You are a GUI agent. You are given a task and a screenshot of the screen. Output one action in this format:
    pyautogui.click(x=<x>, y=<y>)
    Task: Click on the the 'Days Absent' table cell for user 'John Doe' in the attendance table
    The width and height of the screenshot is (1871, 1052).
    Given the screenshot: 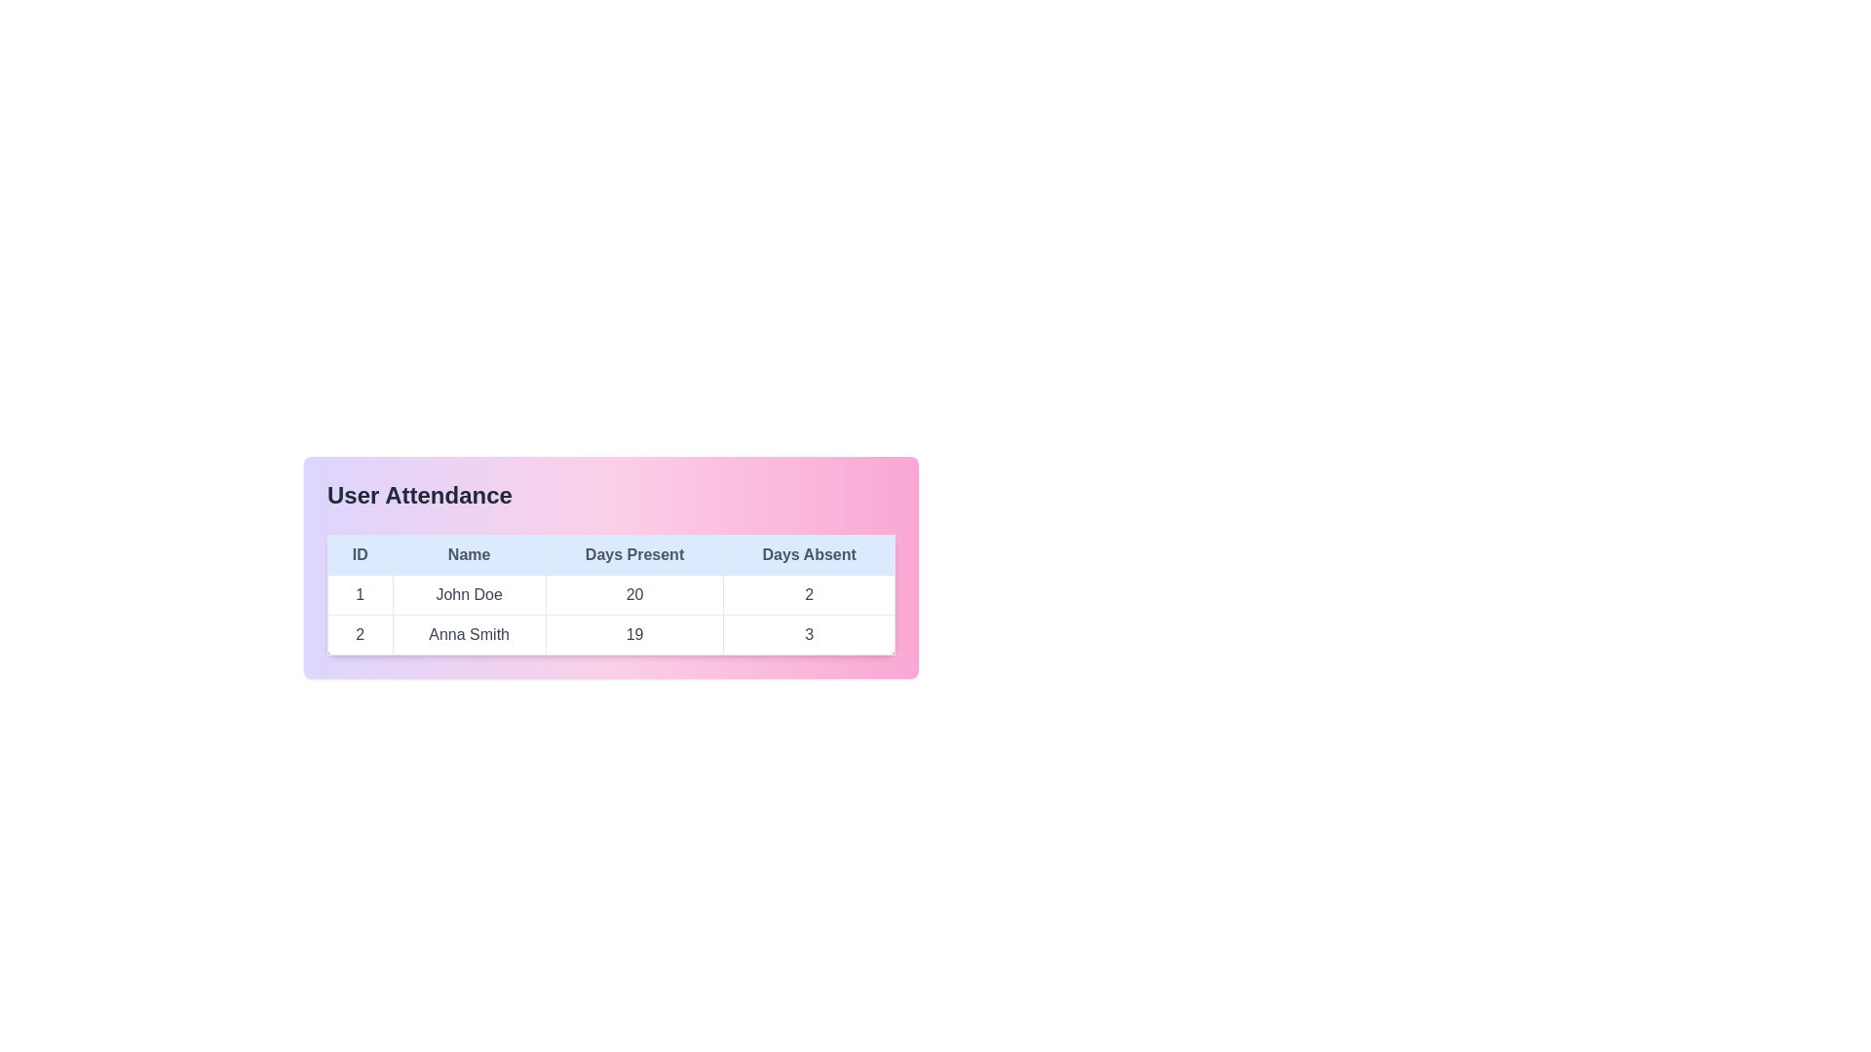 What is the action you would take?
    pyautogui.click(x=809, y=593)
    